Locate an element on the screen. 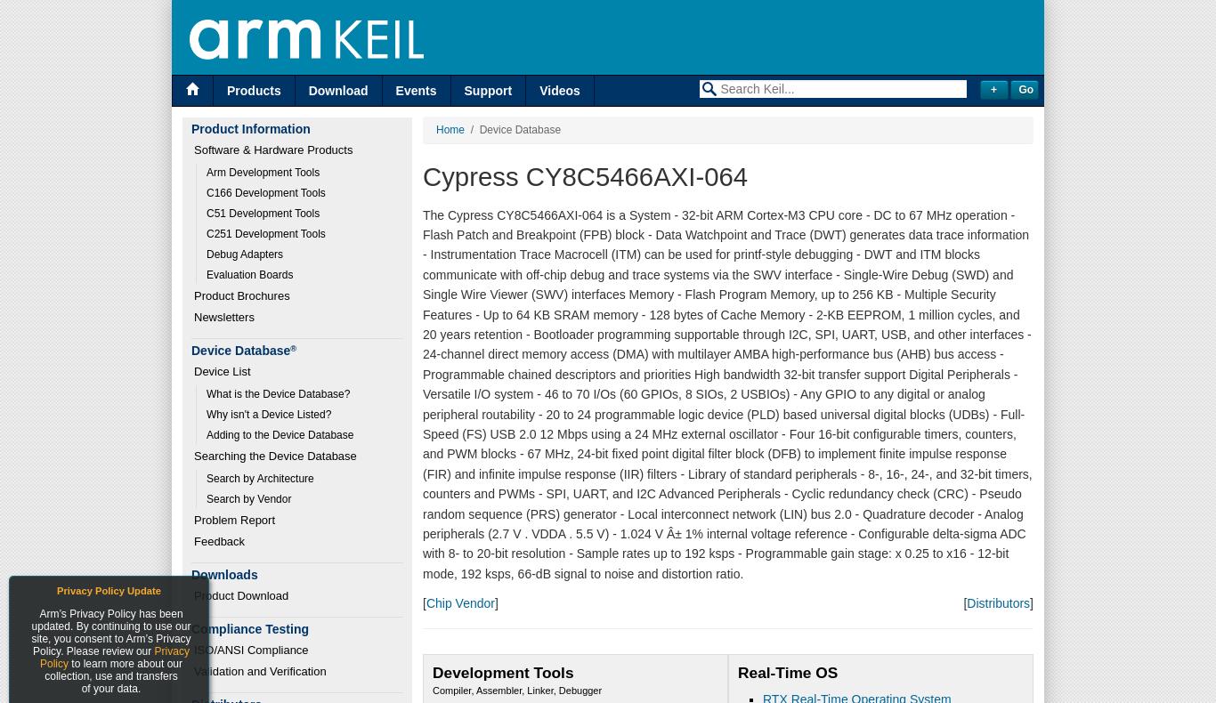  'Arm Development Tools' is located at coordinates (206, 172).